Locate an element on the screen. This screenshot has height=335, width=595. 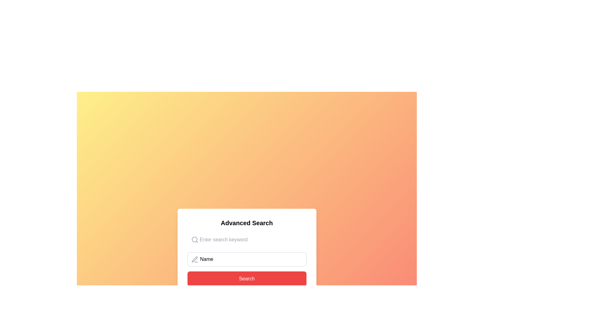
properties of the pen icon located inside the 'Name' input box, which is positioned at the leftmost side of the input field is located at coordinates (194, 260).